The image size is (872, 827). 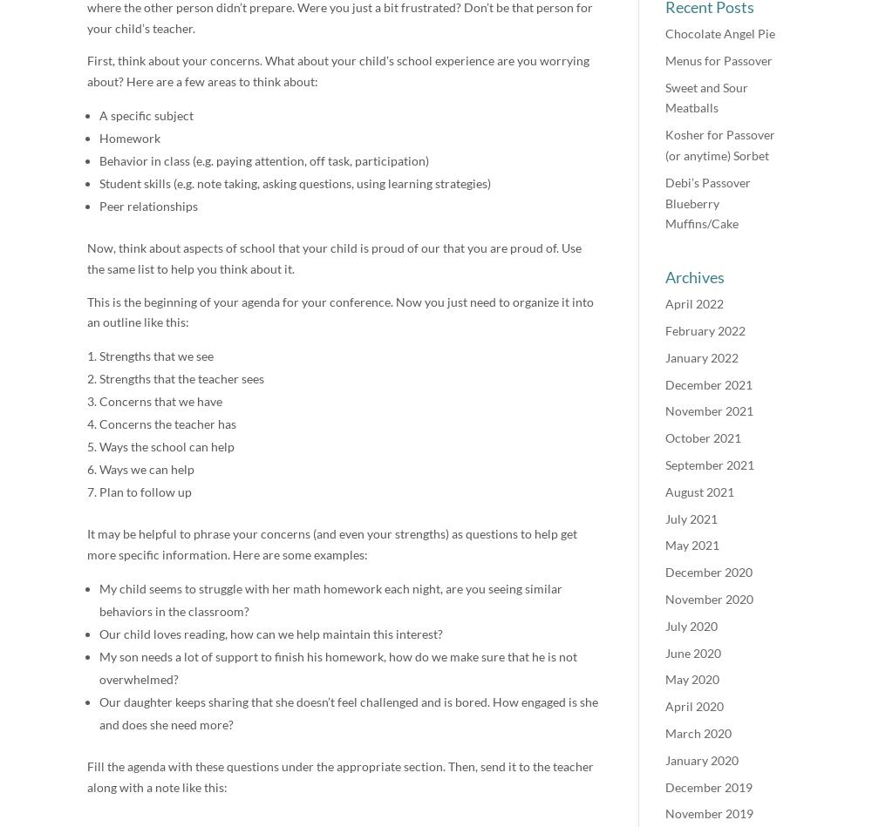 What do you see at coordinates (340, 775) in the screenshot?
I see `'Fill the agenda with these questions under the appropriate section. Then, send it to the teacher along with a note like this:'` at bounding box center [340, 775].